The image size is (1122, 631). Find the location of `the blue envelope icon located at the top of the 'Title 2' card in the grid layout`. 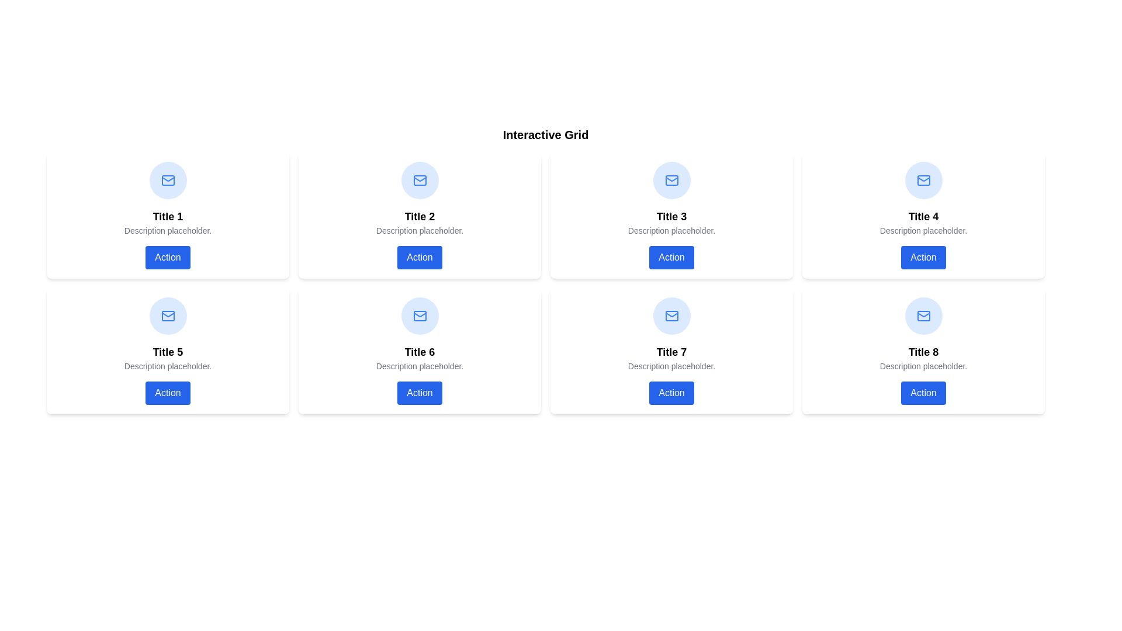

the blue envelope icon located at the top of the 'Title 2' card in the grid layout is located at coordinates (420, 180).